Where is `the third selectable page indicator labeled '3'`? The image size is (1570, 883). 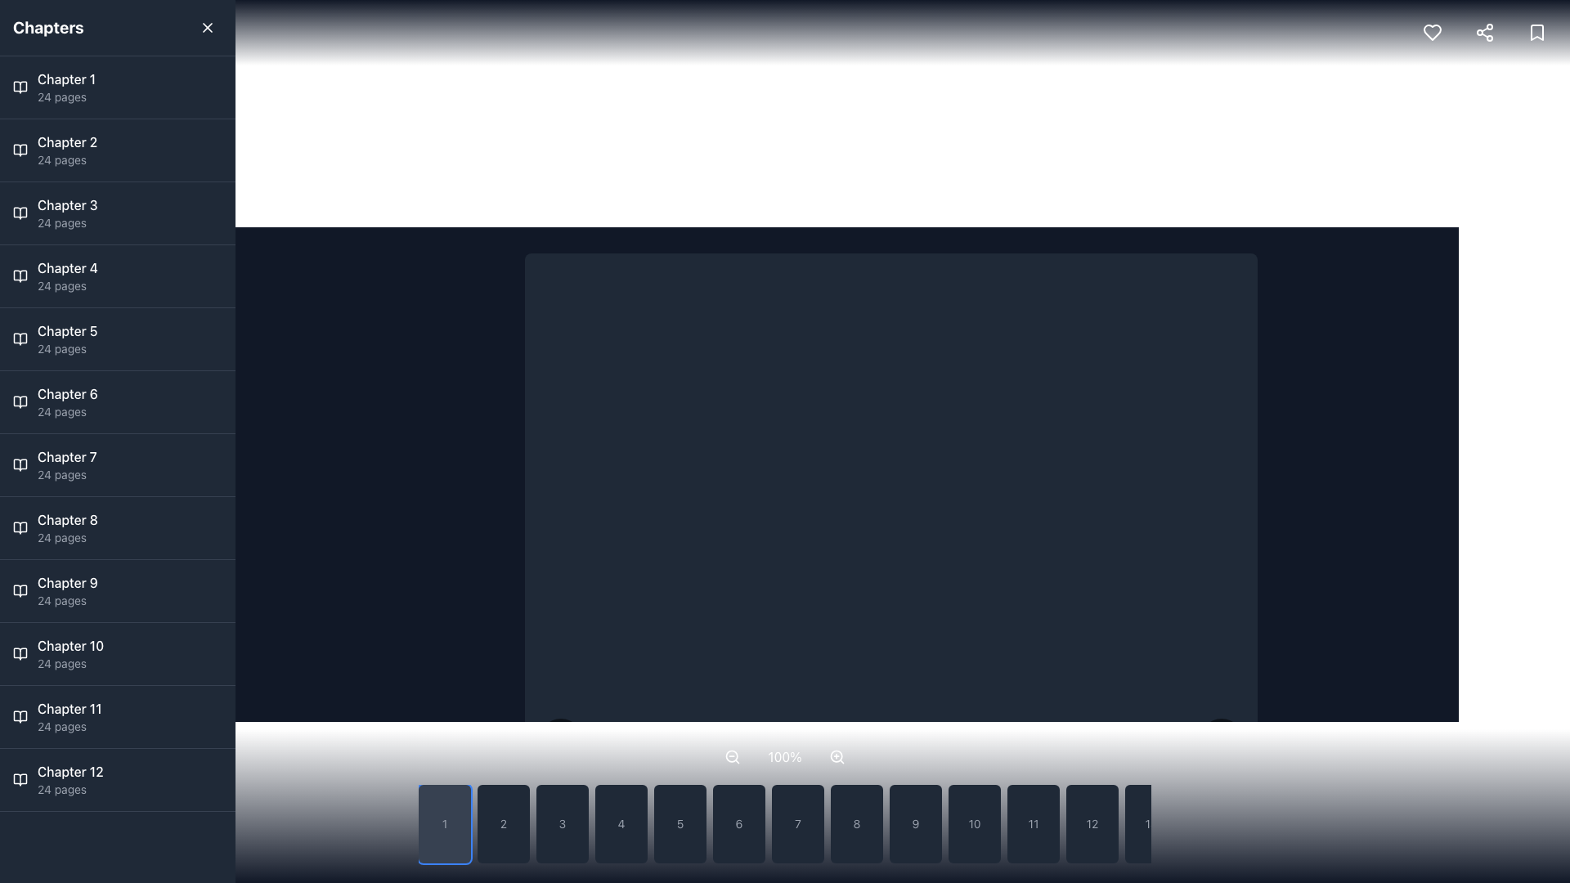 the third selectable page indicator labeled '3' is located at coordinates (562, 823).